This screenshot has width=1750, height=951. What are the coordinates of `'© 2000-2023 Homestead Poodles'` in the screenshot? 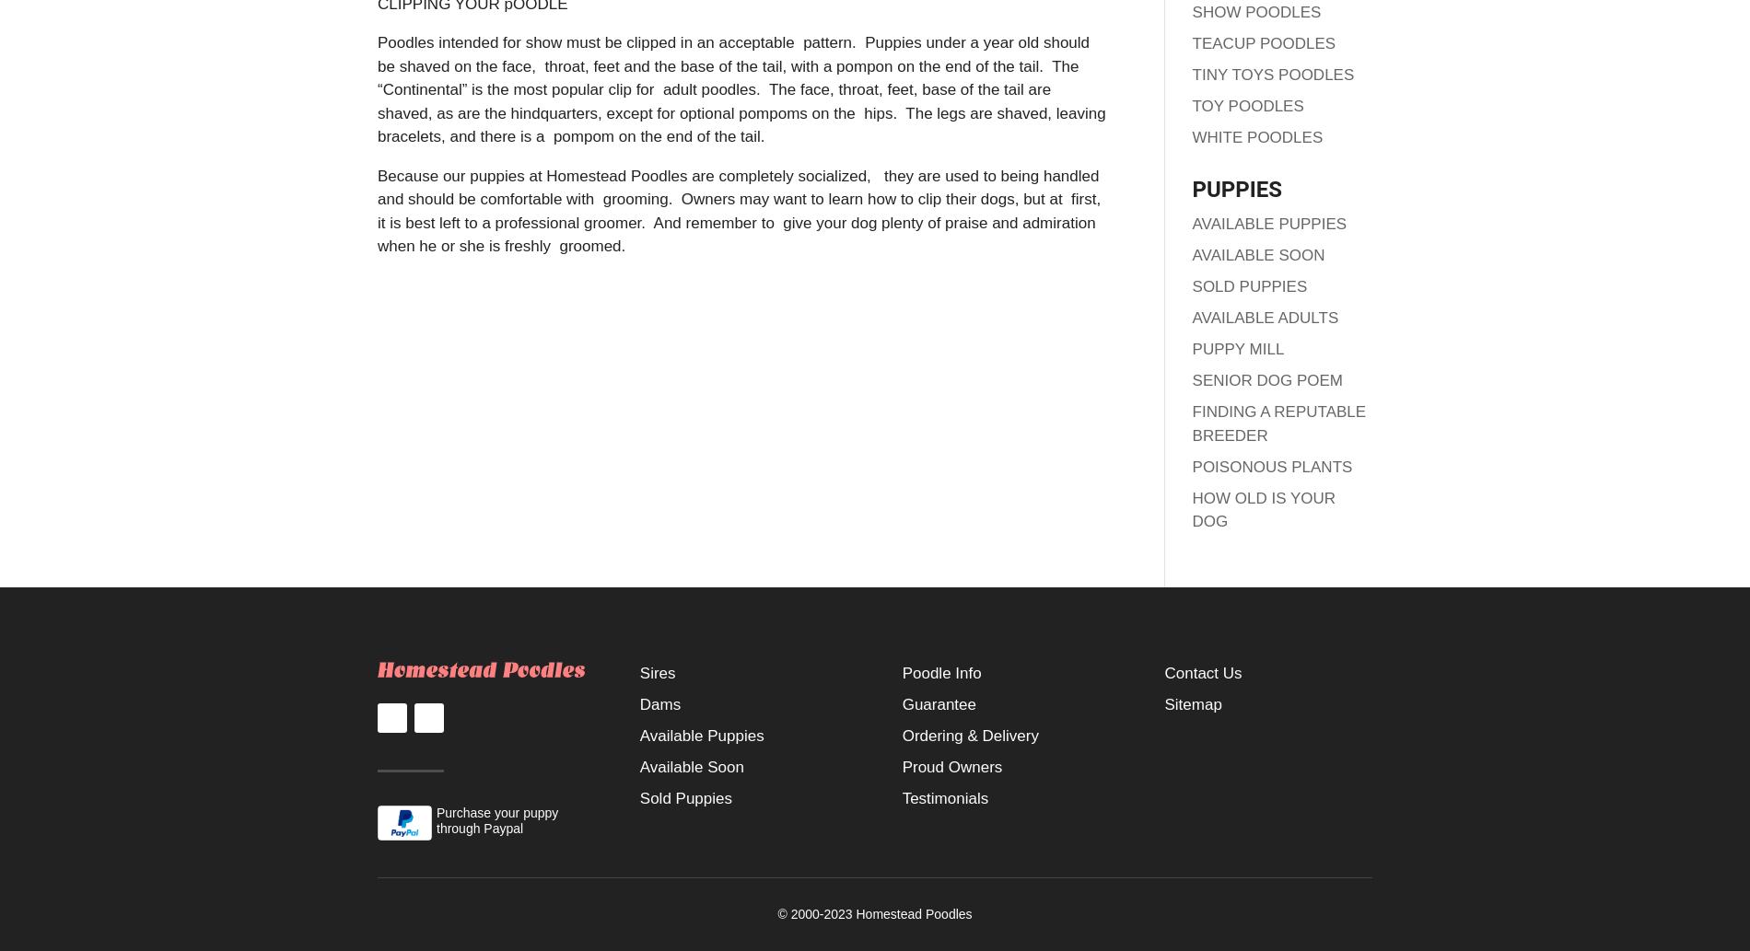 It's located at (776, 911).